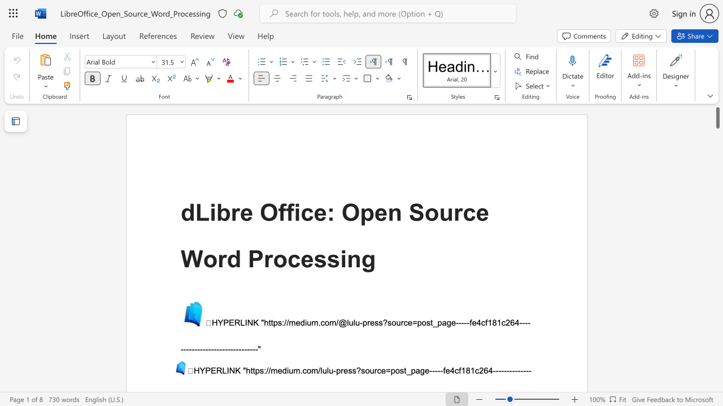  I want to click on the scrollbar to adjust the page downward, so click(717, 185).